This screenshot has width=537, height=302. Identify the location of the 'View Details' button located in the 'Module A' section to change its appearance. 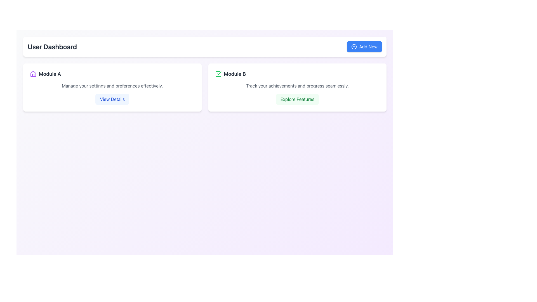
(112, 99).